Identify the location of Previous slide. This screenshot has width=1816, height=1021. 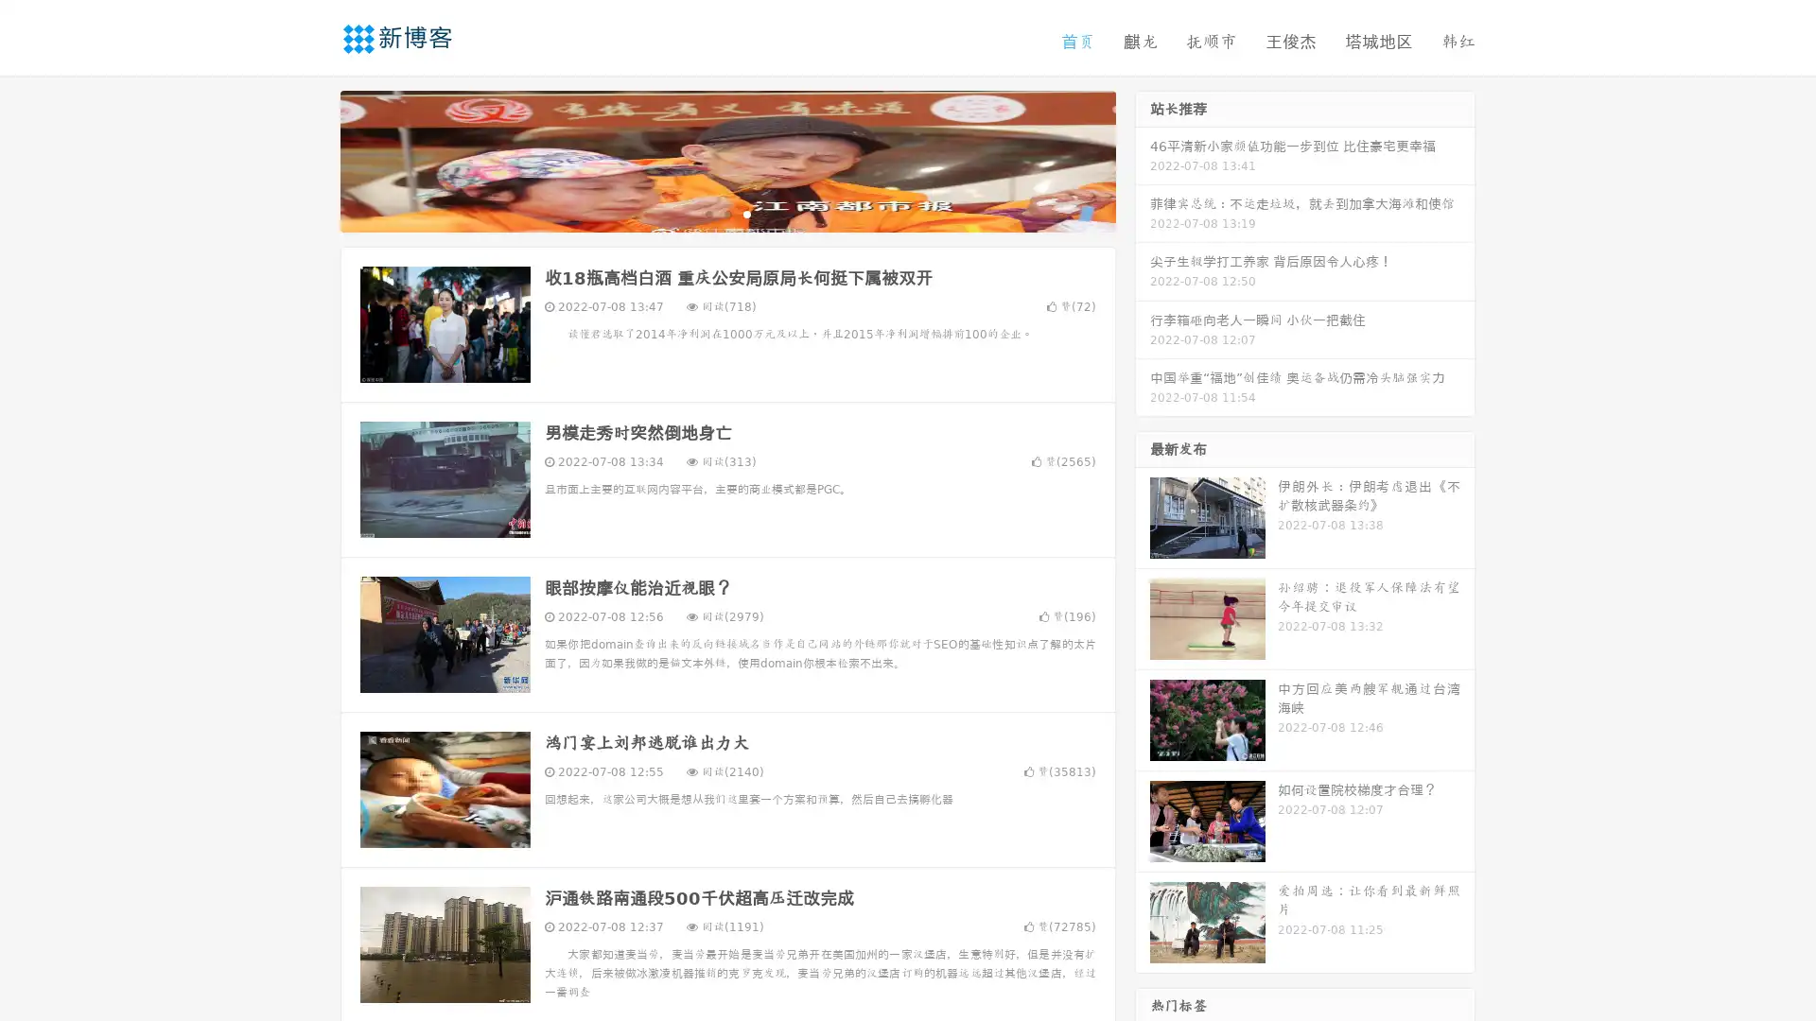
(312, 159).